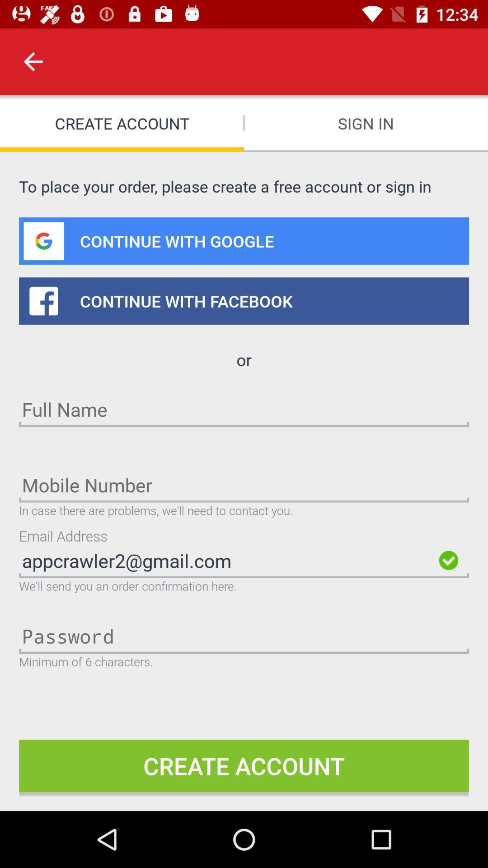  I want to click on the mobile number box, so click(244, 484).